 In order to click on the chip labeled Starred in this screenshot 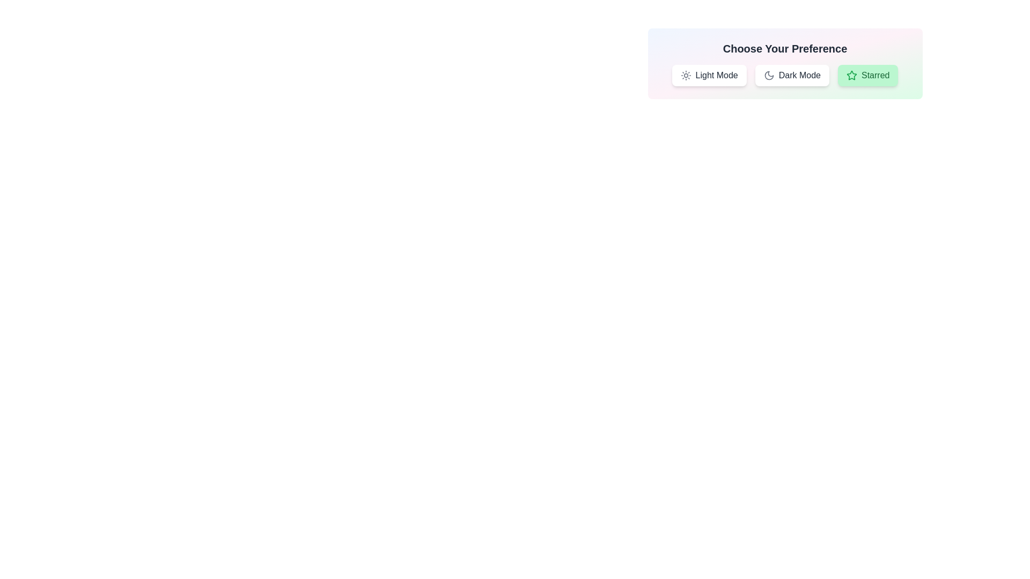, I will do `click(867, 75)`.